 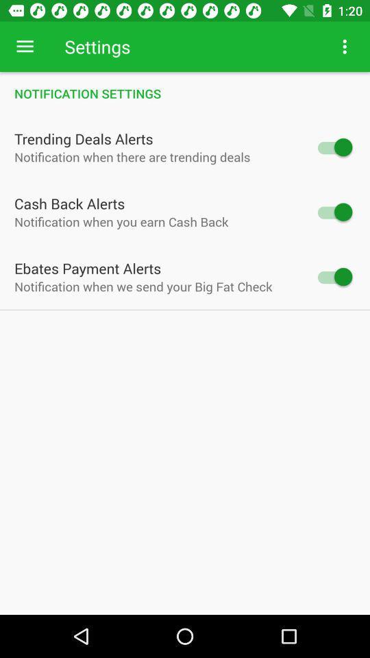 What do you see at coordinates (185, 93) in the screenshot?
I see `notification settings item` at bounding box center [185, 93].